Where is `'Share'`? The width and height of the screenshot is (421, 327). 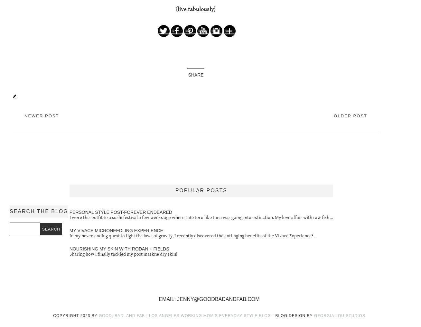 'Share' is located at coordinates (195, 74).